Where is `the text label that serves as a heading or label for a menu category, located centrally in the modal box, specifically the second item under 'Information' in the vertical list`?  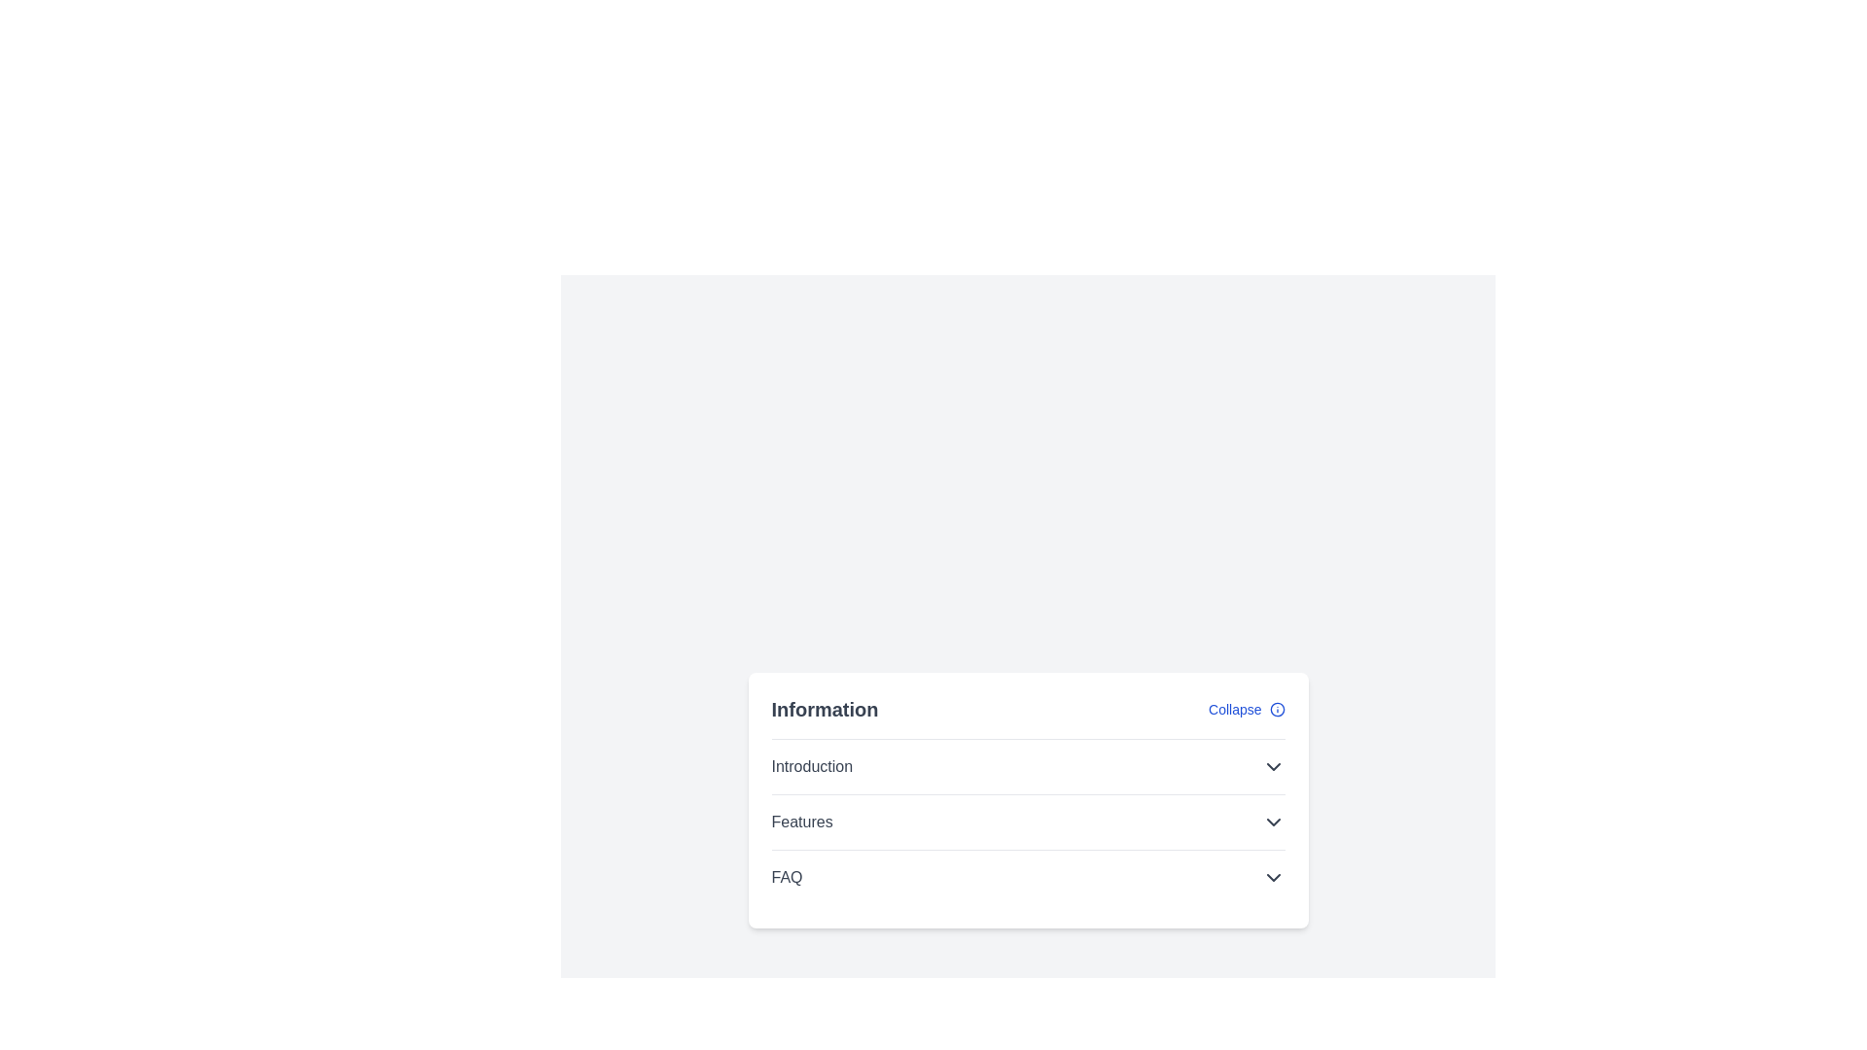
the text label that serves as a heading or label for a menu category, located centrally in the modal box, specifically the second item under 'Information' in the vertical list is located at coordinates (802, 822).